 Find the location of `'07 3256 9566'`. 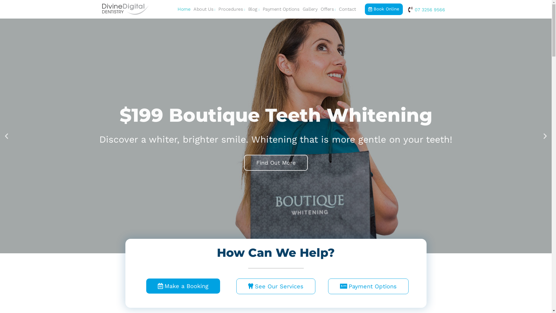

'07 3256 9566' is located at coordinates (426, 10).